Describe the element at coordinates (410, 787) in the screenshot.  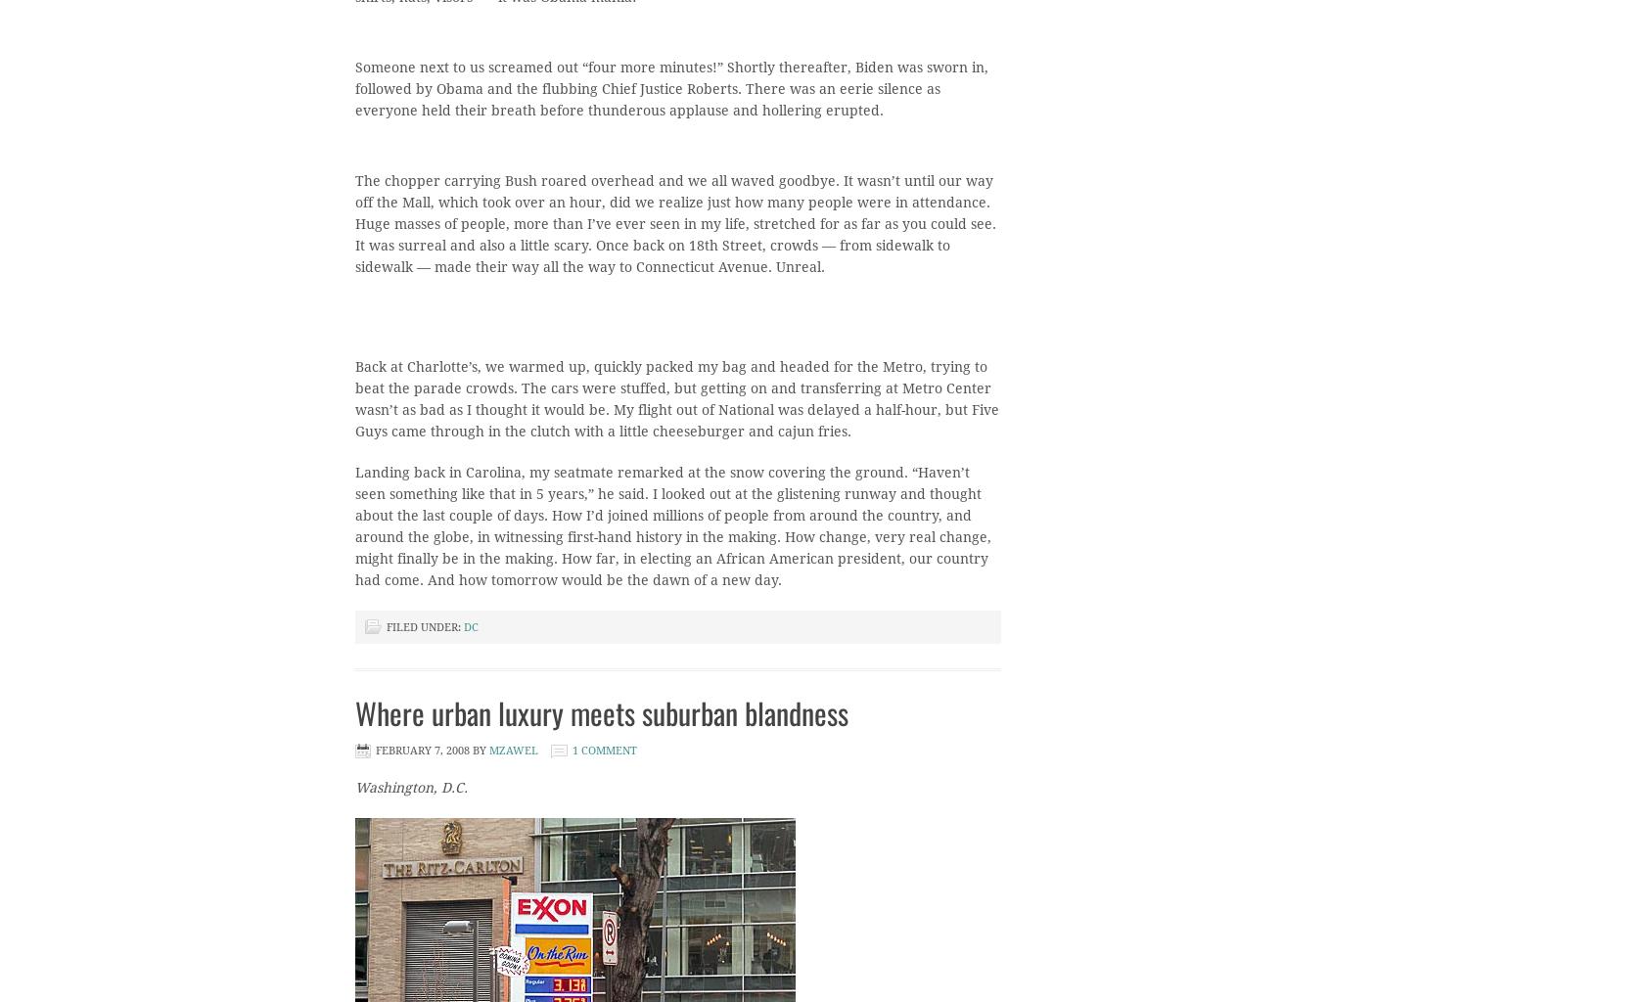
I see `'Washington, D.C.'` at that location.